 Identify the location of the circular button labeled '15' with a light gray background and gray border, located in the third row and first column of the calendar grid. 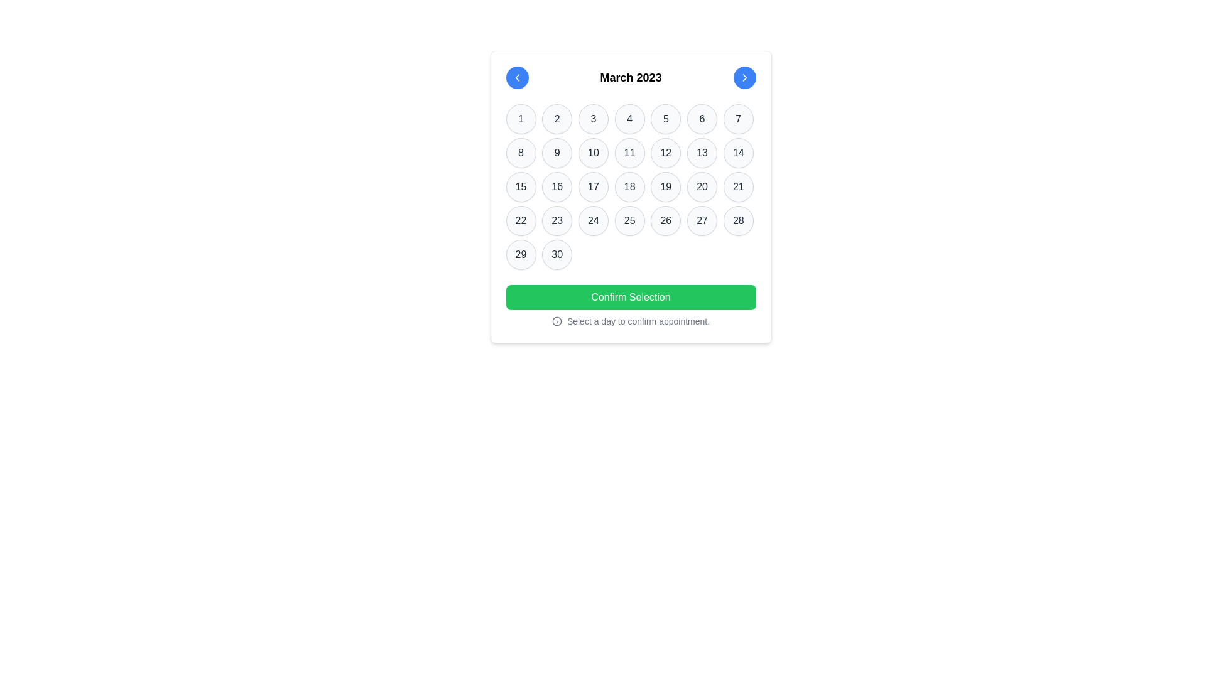
(521, 186).